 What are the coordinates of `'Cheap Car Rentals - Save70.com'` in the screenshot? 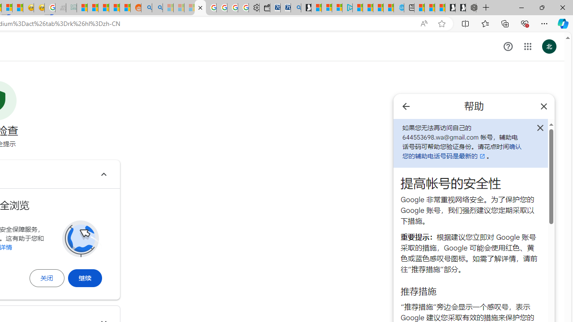 It's located at (285, 8).